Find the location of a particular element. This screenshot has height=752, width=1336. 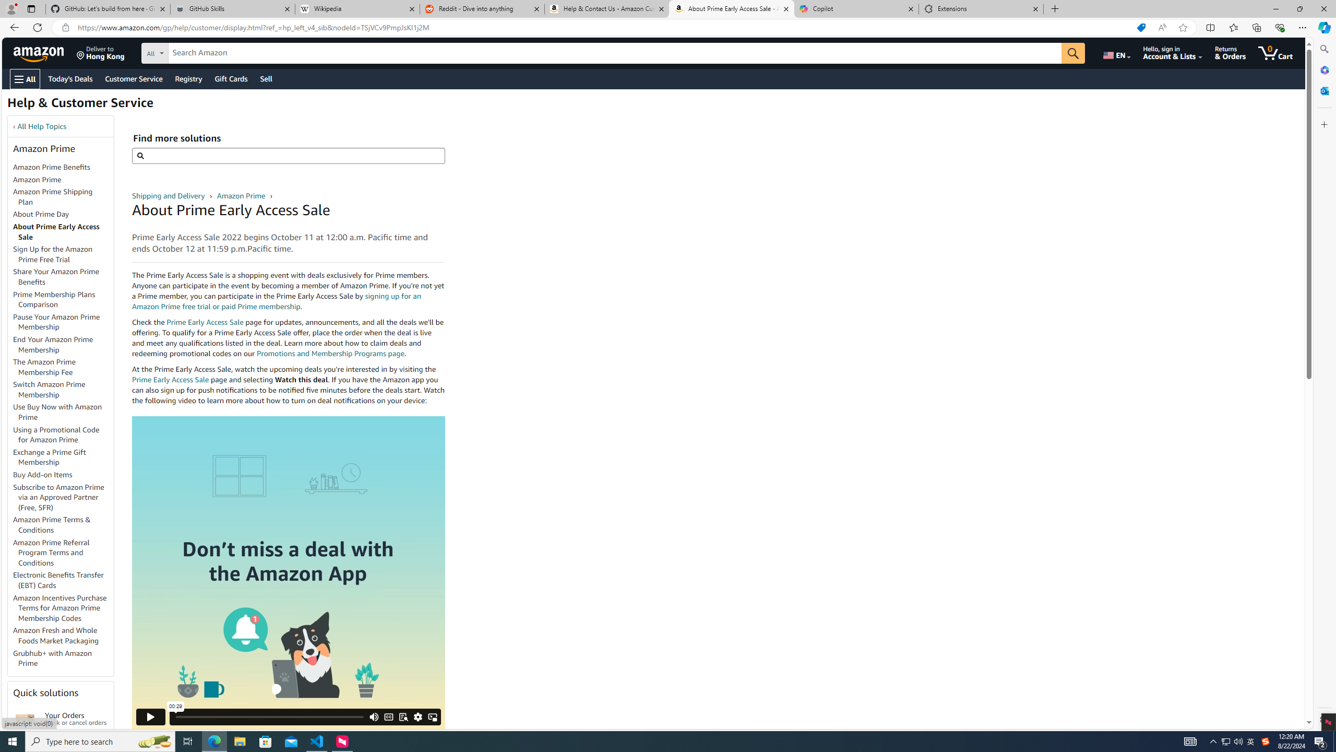

'Help & Contact Us - Amazon Customer Service' is located at coordinates (606, 8).